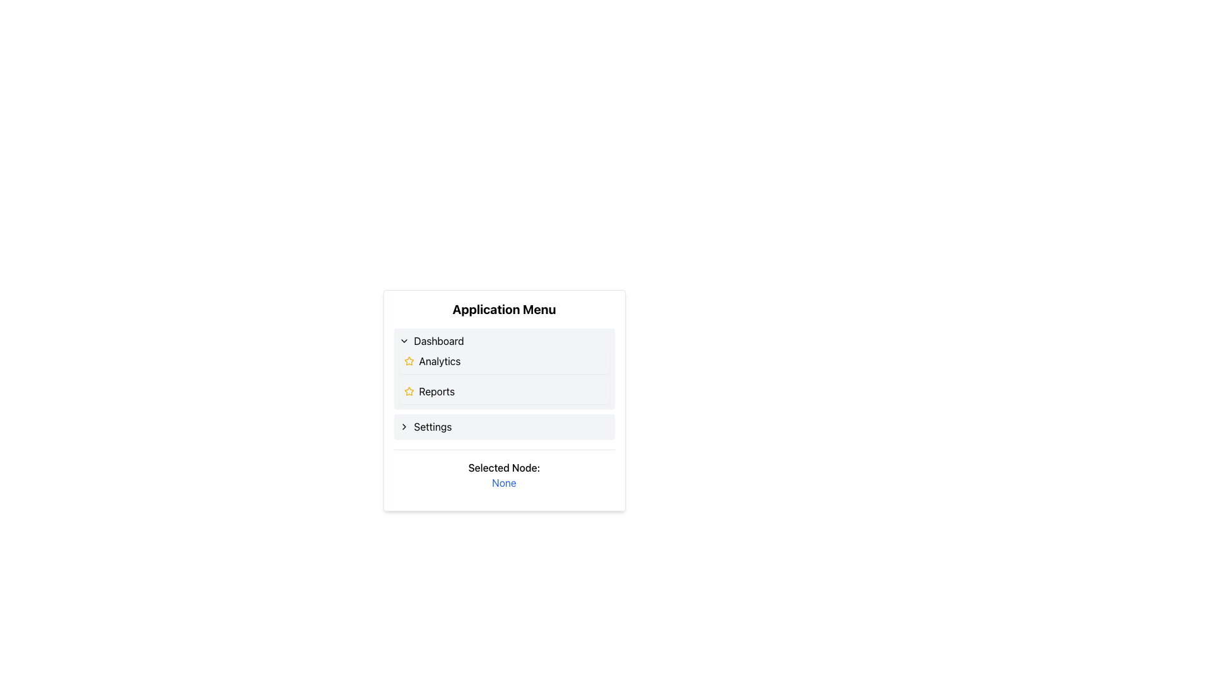 This screenshot has width=1211, height=681. Describe the element at coordinates (409, 390) in the screenshot. I see `the star icon representing the 'Analytics' menu item` at that location.